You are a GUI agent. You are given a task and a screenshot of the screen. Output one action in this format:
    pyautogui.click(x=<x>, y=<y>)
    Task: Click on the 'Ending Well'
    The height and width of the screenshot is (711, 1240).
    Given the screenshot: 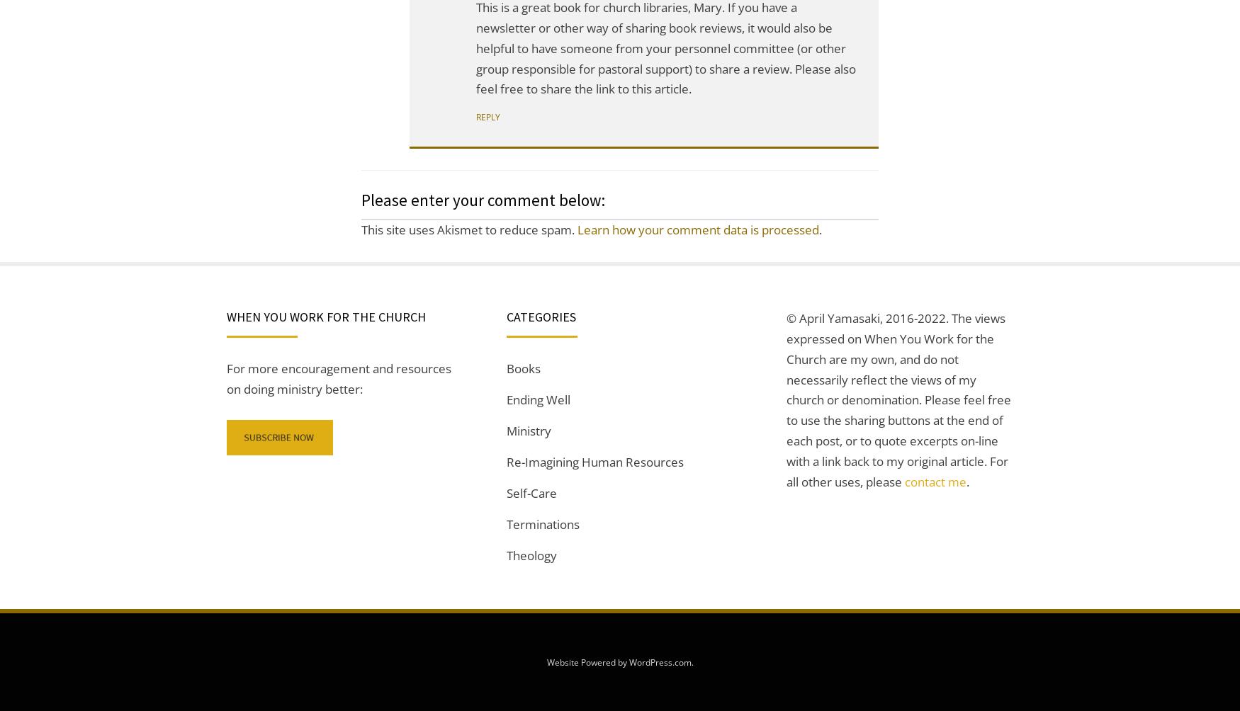 What is the action you would take?
    pyautogui.click(x=538, y=399)
    